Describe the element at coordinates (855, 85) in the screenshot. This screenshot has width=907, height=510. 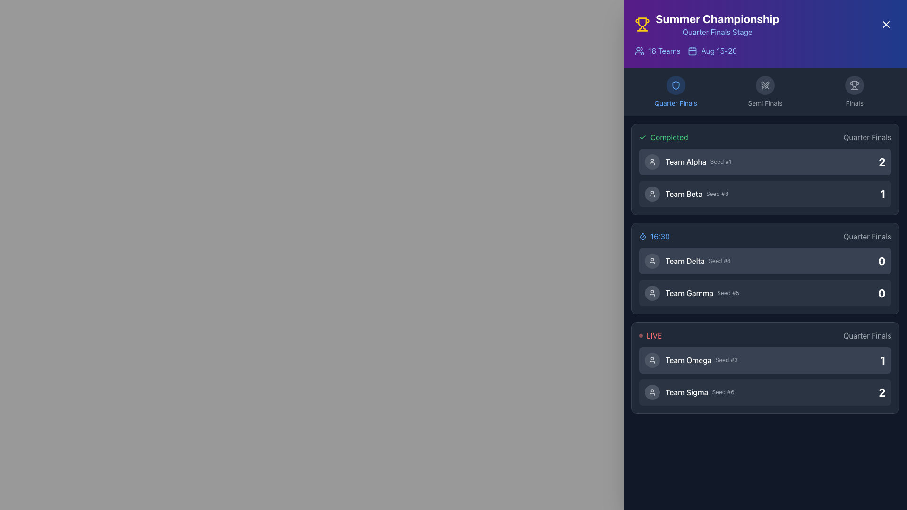
I see `the trophy icon in the header of the sidebar, which signifies championships or competitions` at that location.